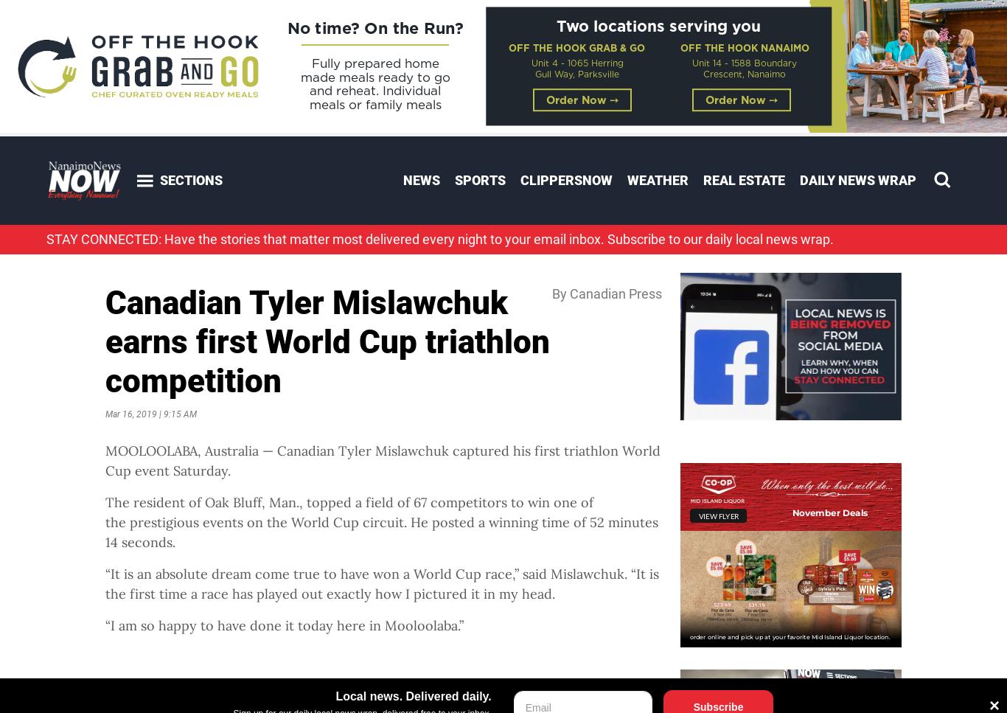 This screenshot has width=1007, height=713. Describe the element at coordinates (566, 180) in the screenshot. I see `'ClippersNOW'` at that location.